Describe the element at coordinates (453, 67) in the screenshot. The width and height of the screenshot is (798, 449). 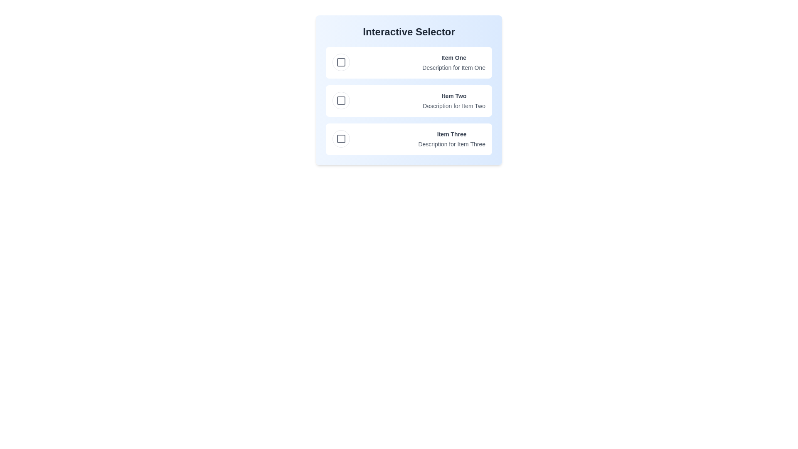
I see `the text label displaying 'Description for Item One', which is located just below the 'Item One' label in a structured list layout` at that location.